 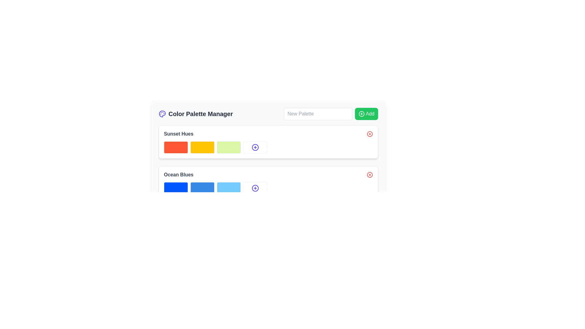 What do you see at coordinates (228, 147) in the screenshot?
I see `the light green rectangular box with rounded corners, which is the third block in a row of three` at bounding box center [228, 147].